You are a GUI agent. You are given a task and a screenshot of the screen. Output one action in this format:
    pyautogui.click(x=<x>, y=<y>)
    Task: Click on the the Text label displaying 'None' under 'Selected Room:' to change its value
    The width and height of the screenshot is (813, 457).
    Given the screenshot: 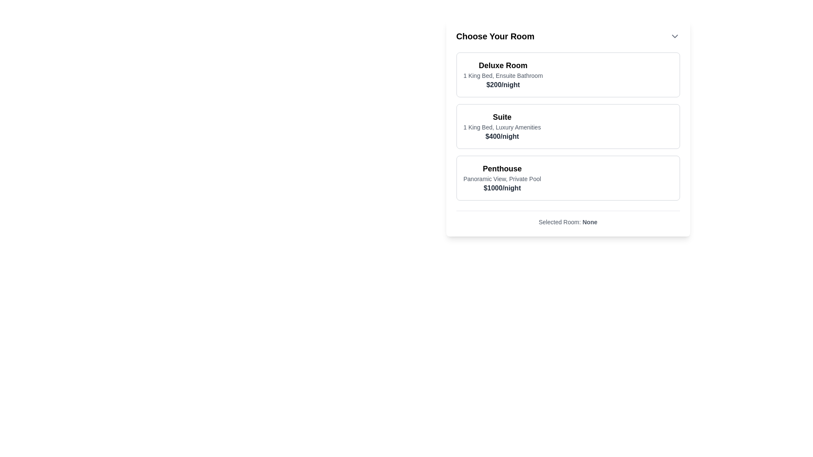 What is the action you would take?
    pyautogui.click(x=568, y=218)
    